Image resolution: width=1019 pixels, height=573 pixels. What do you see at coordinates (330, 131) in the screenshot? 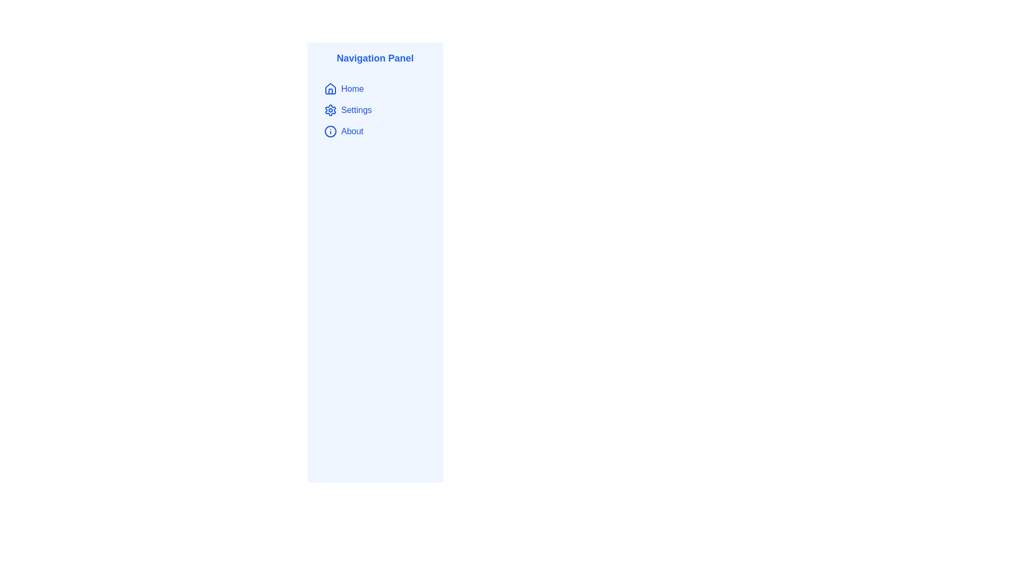
I see `the circular icon with a hollow blue outline, which has a blue dot at the top and a vertical line segment at the bottom center, located in the navigation panel under the 'About' section` at bounding box center [330, 131].